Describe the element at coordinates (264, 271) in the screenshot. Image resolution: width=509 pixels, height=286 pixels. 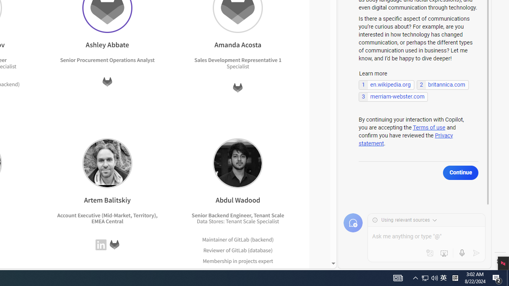
I see `'expert'` at that location.